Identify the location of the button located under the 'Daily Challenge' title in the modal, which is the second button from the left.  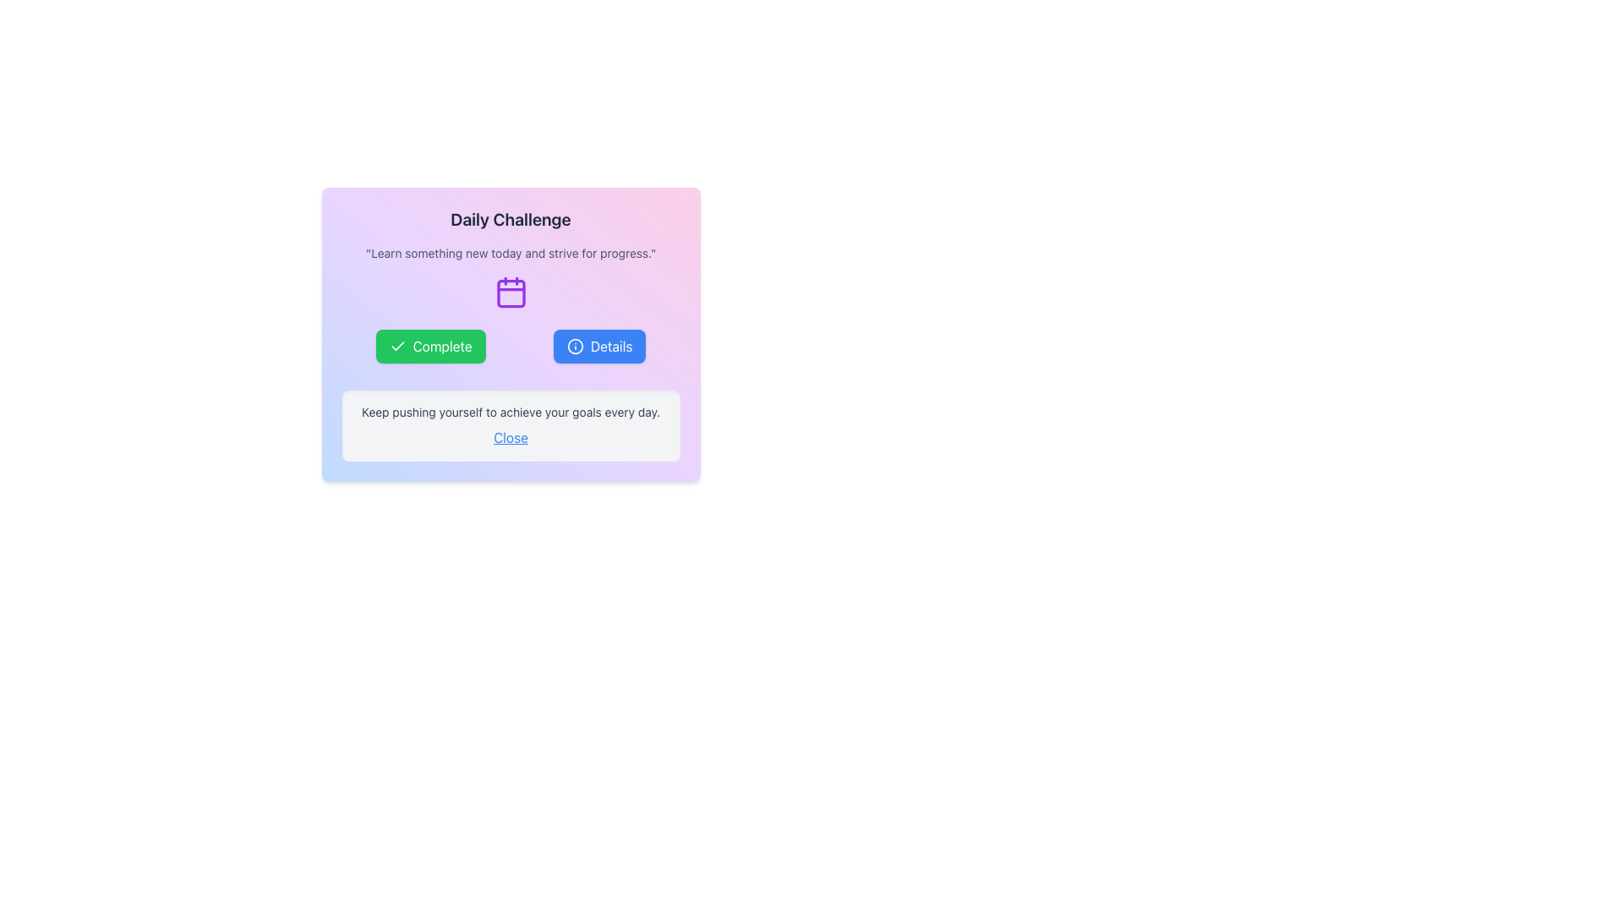
(599, 345).